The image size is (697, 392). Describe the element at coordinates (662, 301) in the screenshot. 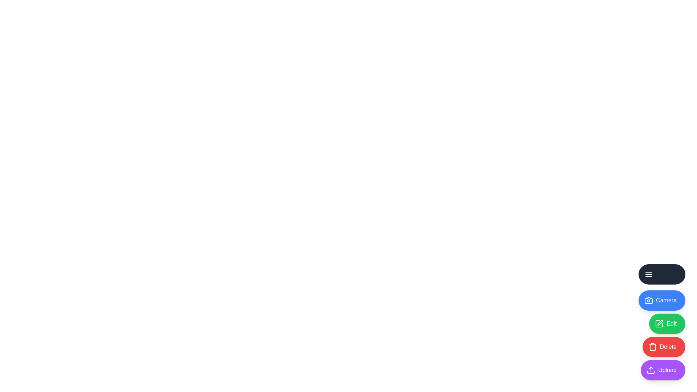

I see `the Camera icon to interact with it` at that location.